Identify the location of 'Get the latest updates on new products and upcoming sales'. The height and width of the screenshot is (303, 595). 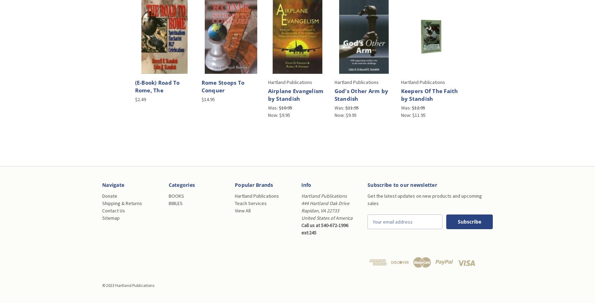
(424, 199).